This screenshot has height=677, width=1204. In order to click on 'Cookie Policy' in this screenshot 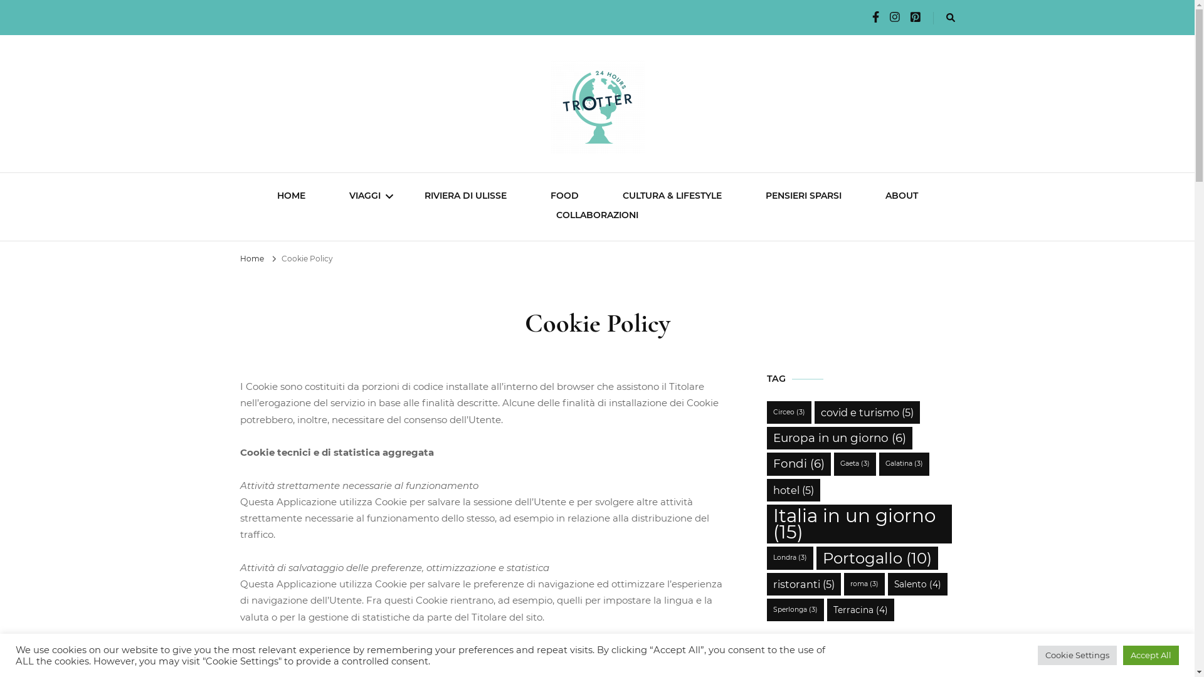, I will do `click(307, 258)`.